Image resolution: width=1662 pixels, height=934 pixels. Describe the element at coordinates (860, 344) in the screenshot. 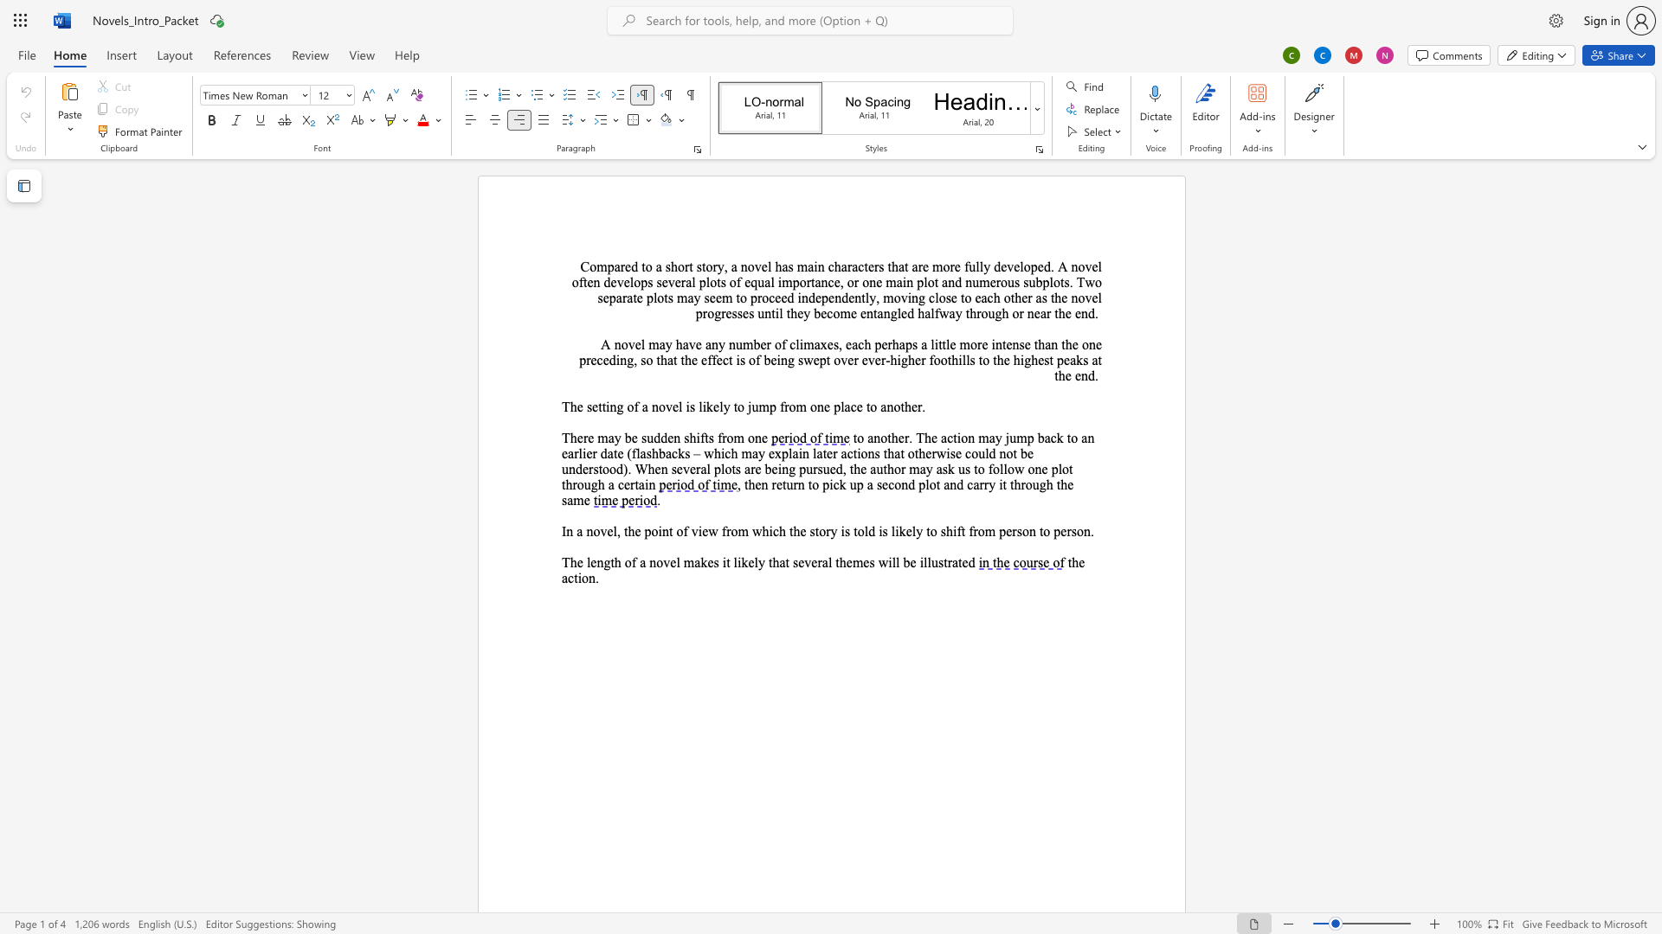

I see `the 2th character "c" in the text` at that location.